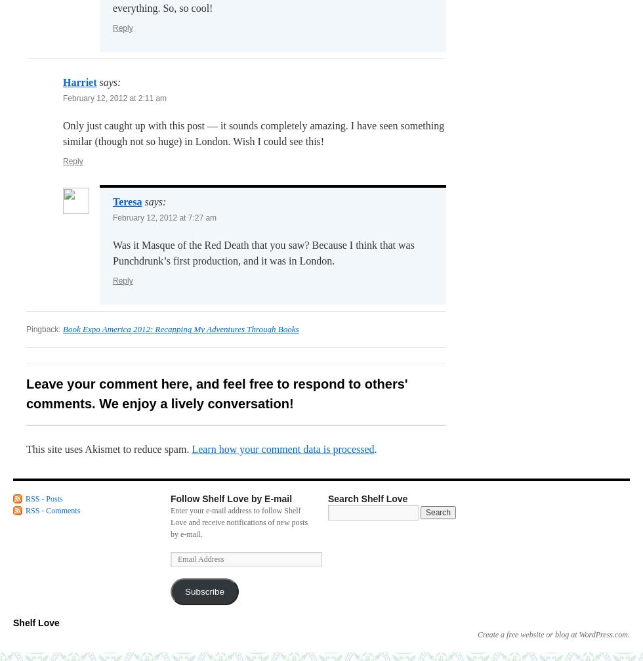 This screenshot has width=643, height=661. What do you see at coordinates (239, 522) in the screenshot?
I see `'Enter your e-mail address to follow Shelf Love and receive notifications of new posts by e-mail.'` at bounding box center [239, 522].